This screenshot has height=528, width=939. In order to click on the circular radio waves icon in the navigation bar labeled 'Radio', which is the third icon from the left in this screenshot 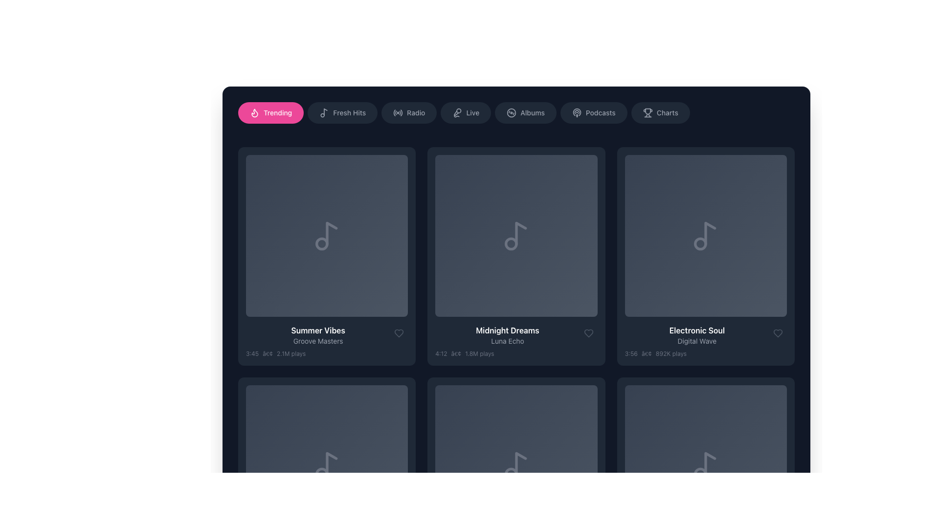, I will do `click(398, 112)`.